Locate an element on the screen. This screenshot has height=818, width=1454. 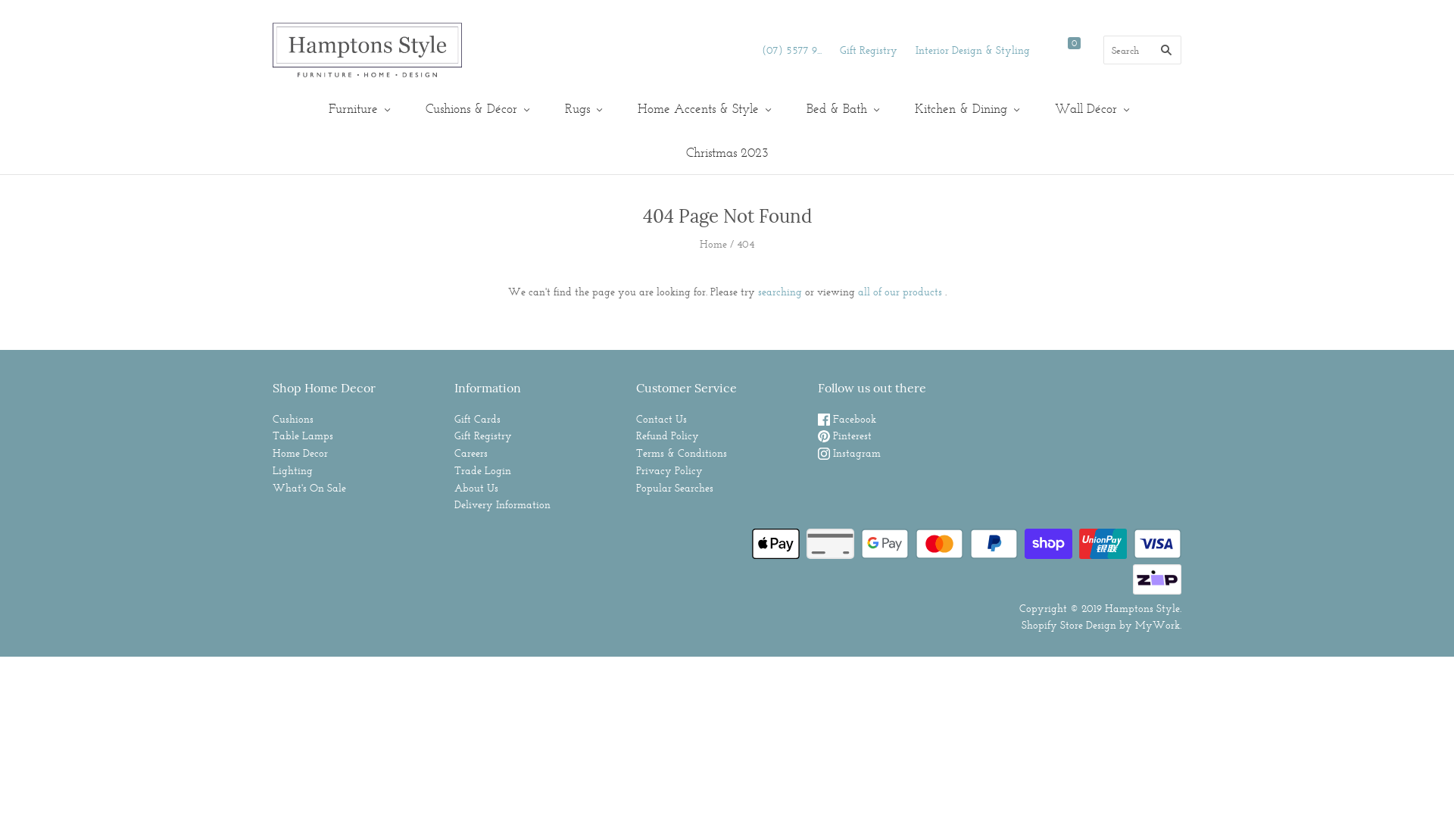
'Refund Policy' is located at coordinates (666, 435).